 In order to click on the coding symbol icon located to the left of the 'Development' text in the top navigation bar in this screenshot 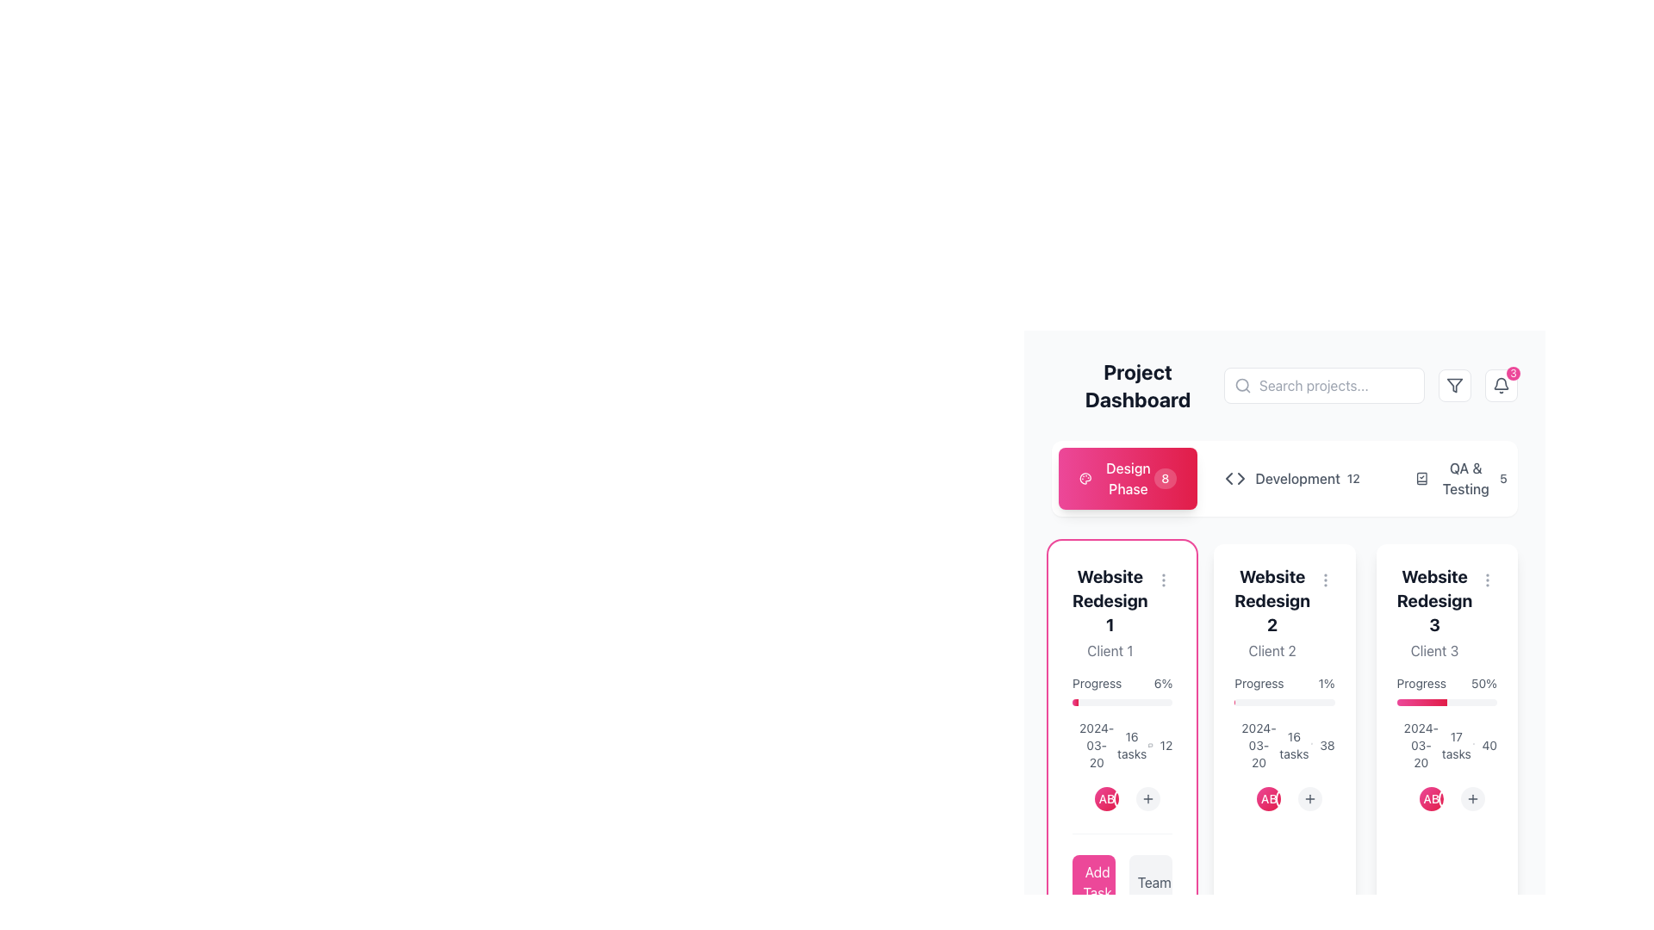, I will do `click(1234, 478)`.